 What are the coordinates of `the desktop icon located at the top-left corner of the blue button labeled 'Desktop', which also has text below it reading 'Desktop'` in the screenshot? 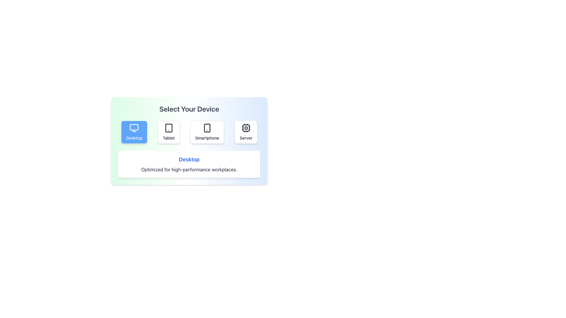 It's located at (134, 128).